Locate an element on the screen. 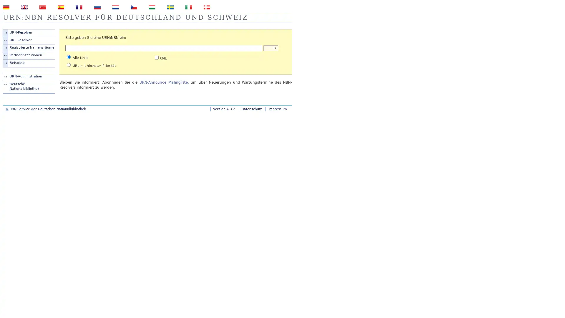 The width and height of the screenshot is (565, 318). se is located at coordinates (170, 7).